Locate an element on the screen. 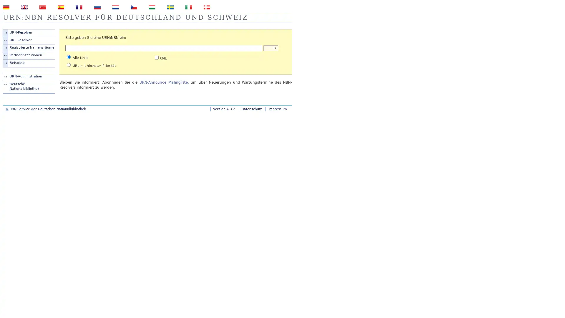 The width and height of the screenshot is (565, 318). se is located at coordinates (170, 7).